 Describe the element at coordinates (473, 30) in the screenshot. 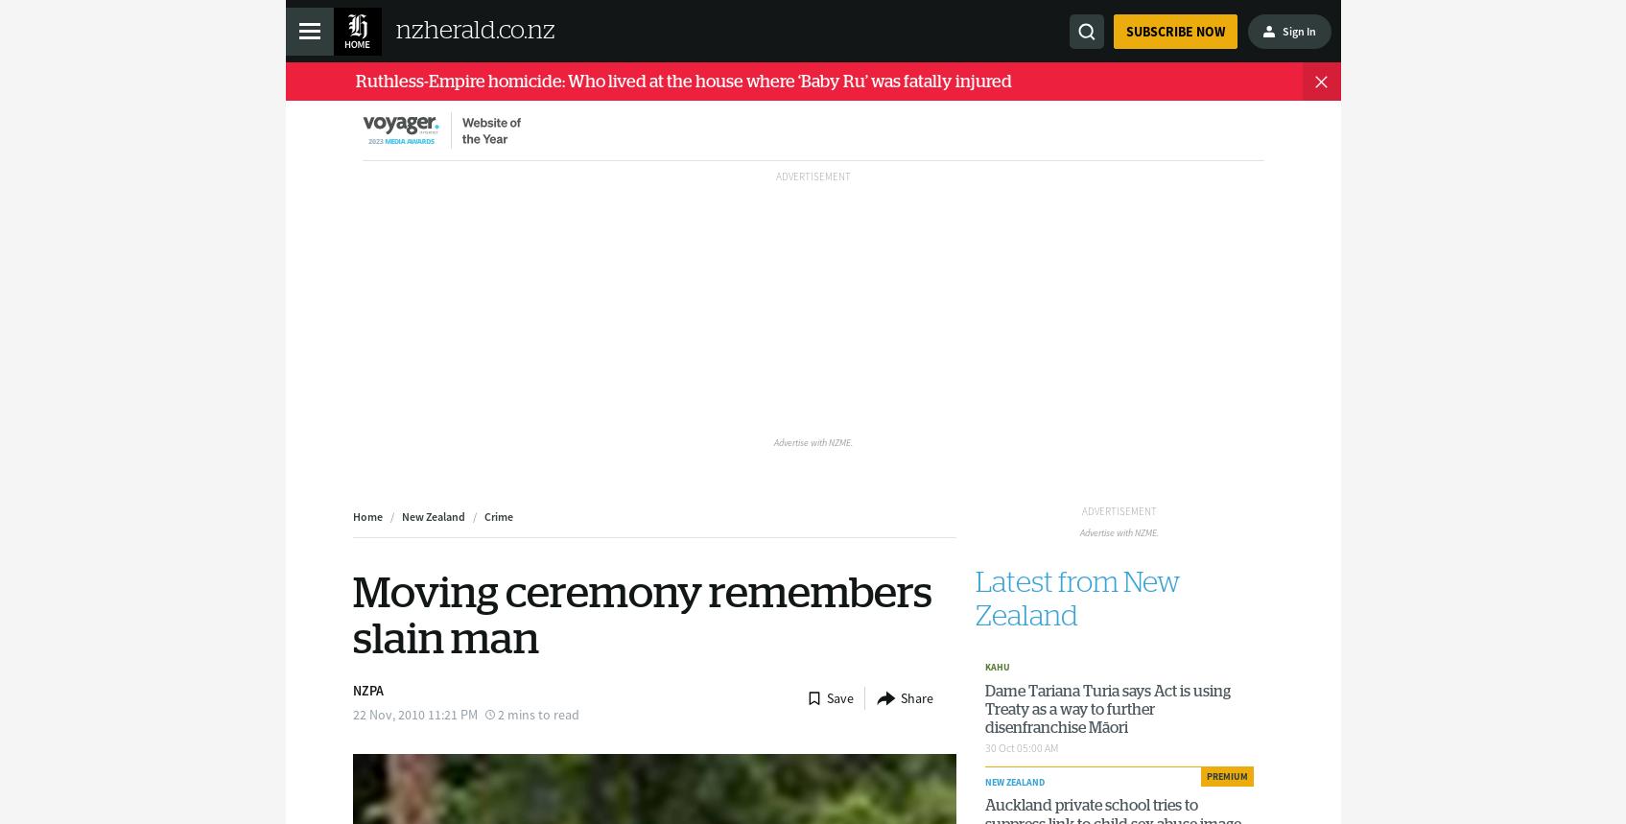

I see `'nzherald.co.nz'` at that location.